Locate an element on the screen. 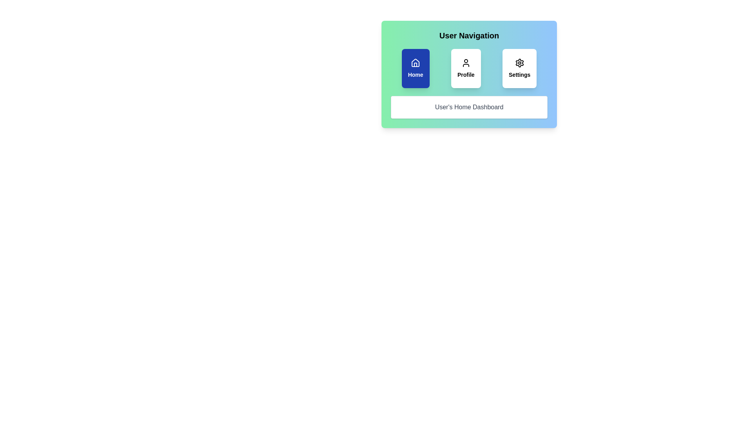 The width and height of the screenshot is (752, 423). the Profile button to observe its visual feedback is located at coordinates (466, 68).